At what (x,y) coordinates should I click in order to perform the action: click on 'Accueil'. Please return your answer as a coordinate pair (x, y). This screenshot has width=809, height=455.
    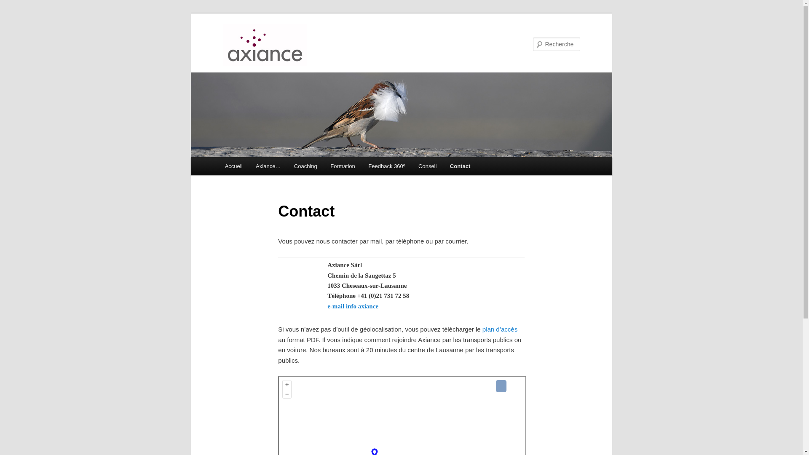
    Looking at the image, I should click on (218, 166).